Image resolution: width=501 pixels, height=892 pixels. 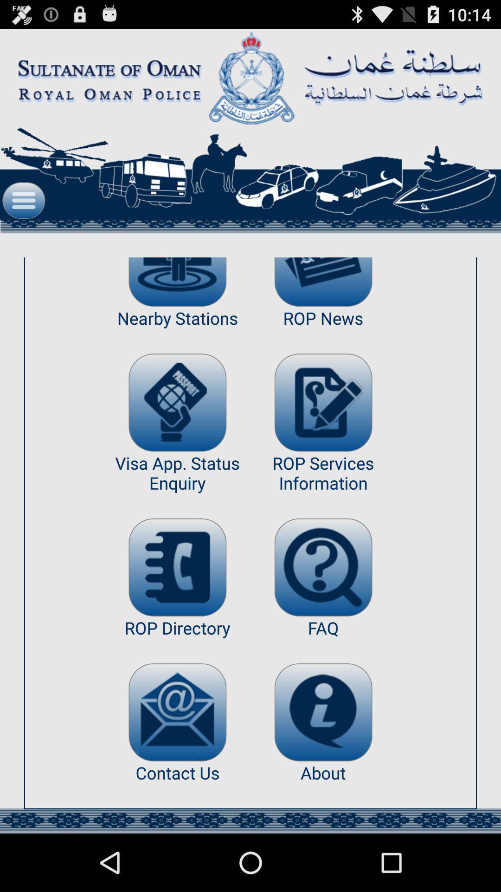 What do you see at coordinates (323, 282) in the screenshot?
I see `rop news` at bounding box center [323, 282].